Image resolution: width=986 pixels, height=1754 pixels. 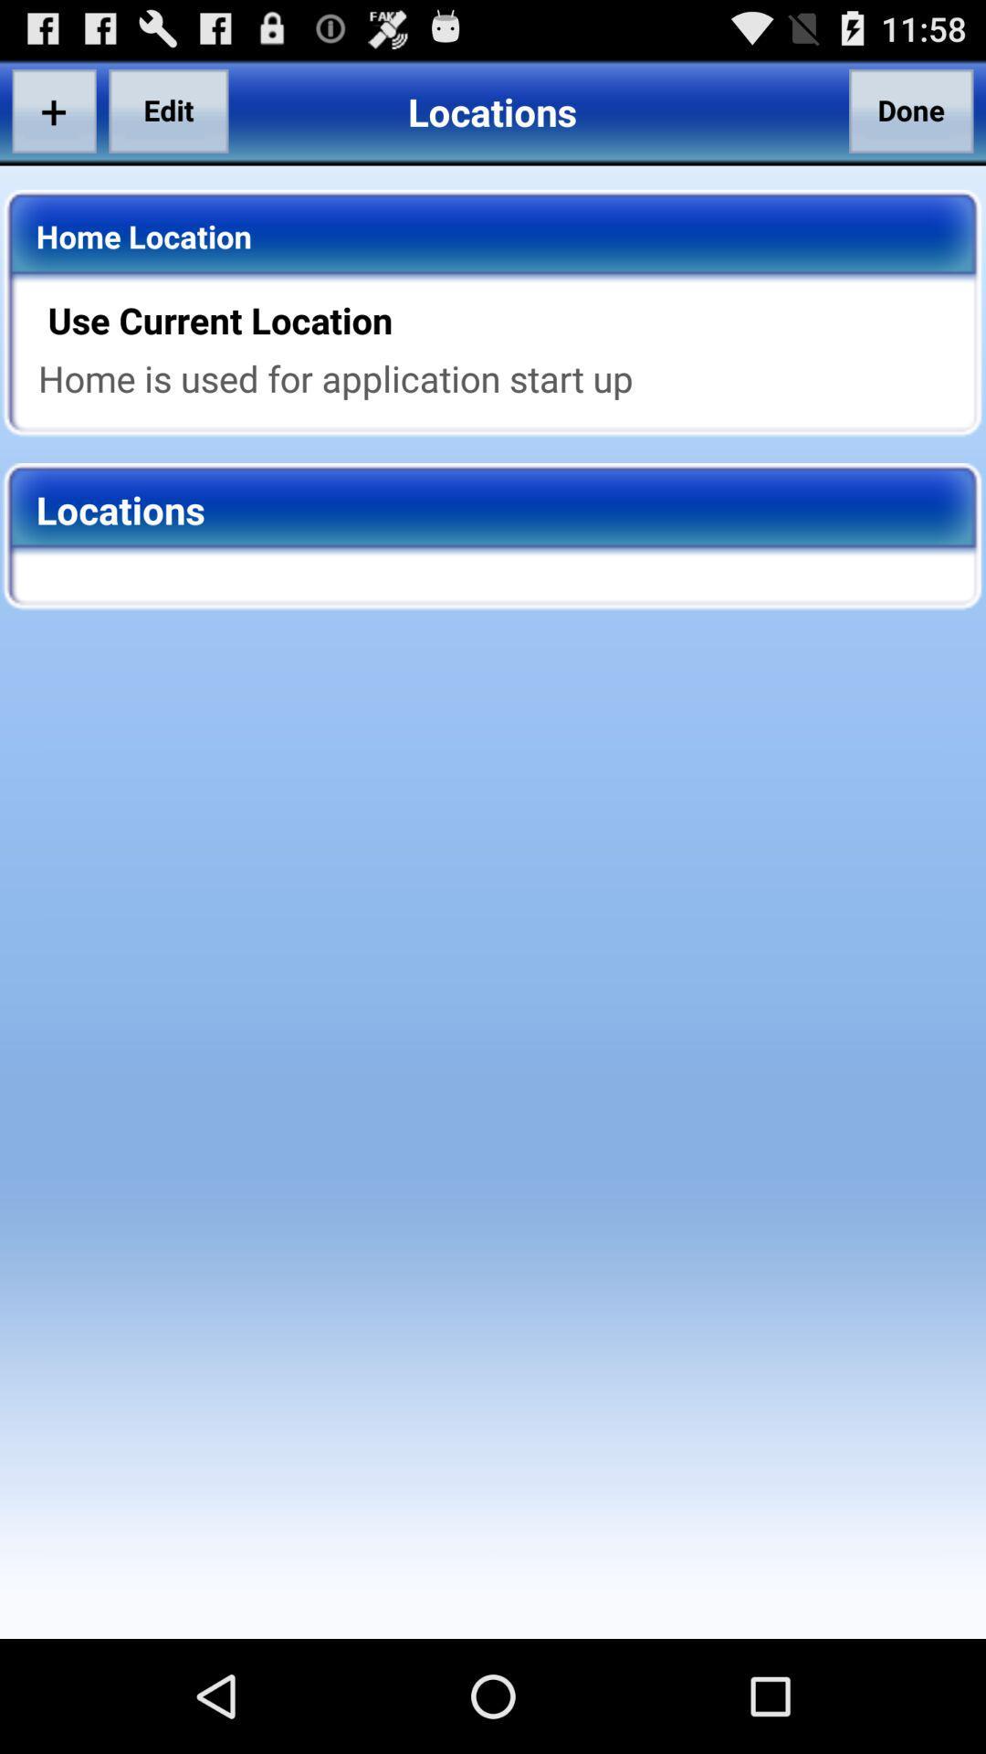 I want to click on the done icon, so click(x=911, y=110).